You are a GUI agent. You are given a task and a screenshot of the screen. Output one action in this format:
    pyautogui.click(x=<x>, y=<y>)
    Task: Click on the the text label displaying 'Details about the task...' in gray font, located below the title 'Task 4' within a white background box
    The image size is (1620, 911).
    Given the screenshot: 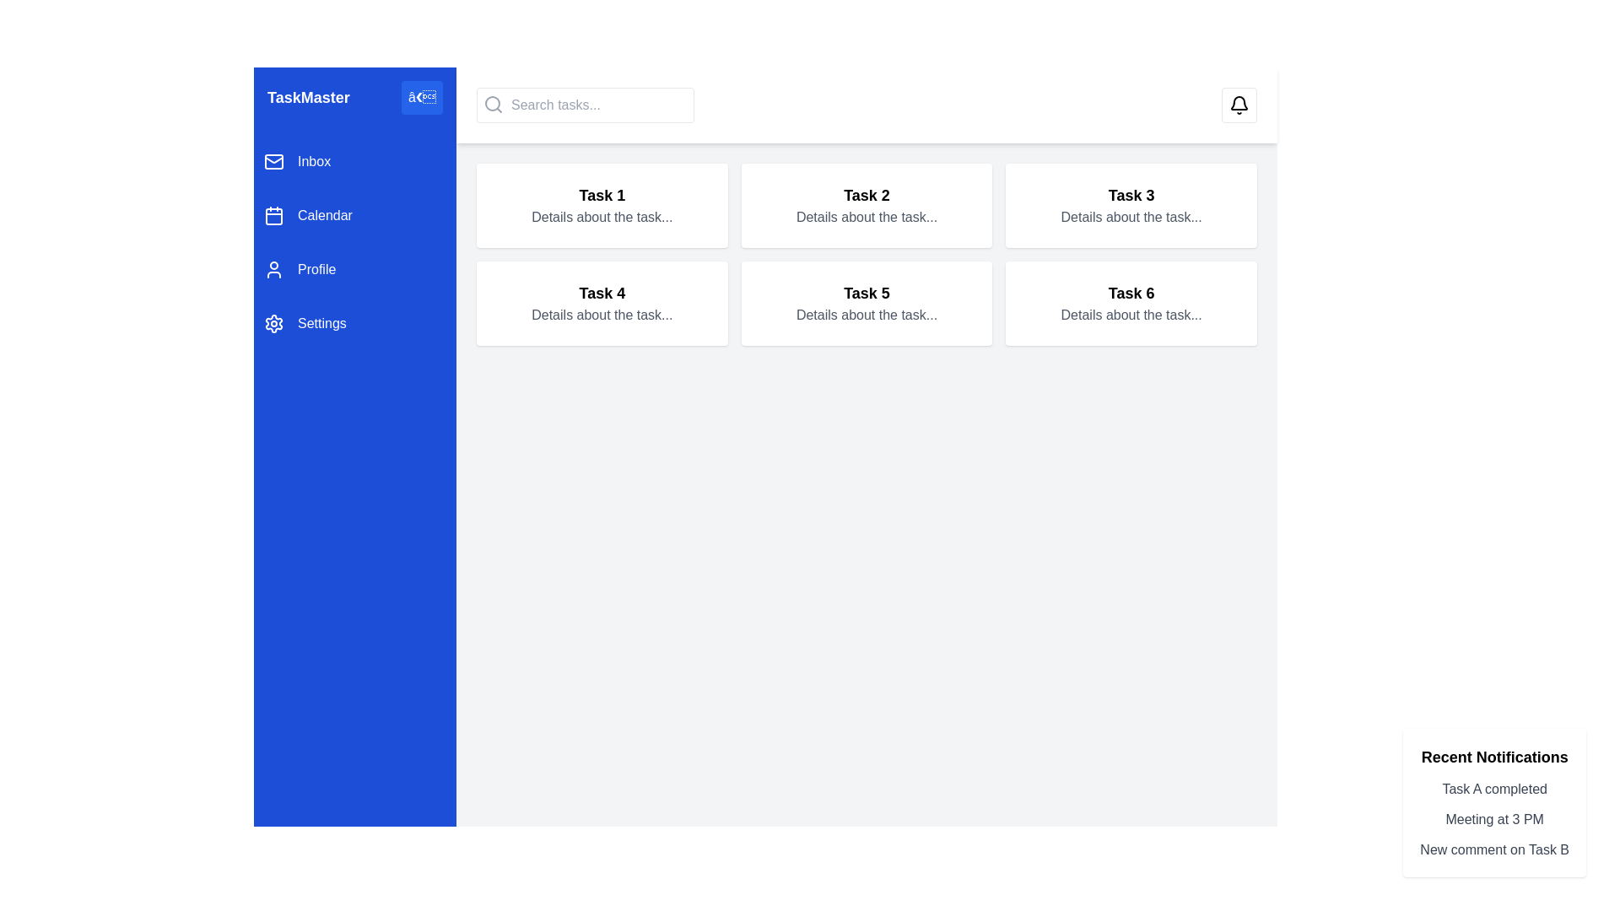 What is the action you would take?
    pyautogui.click(x=602, y=315)
    